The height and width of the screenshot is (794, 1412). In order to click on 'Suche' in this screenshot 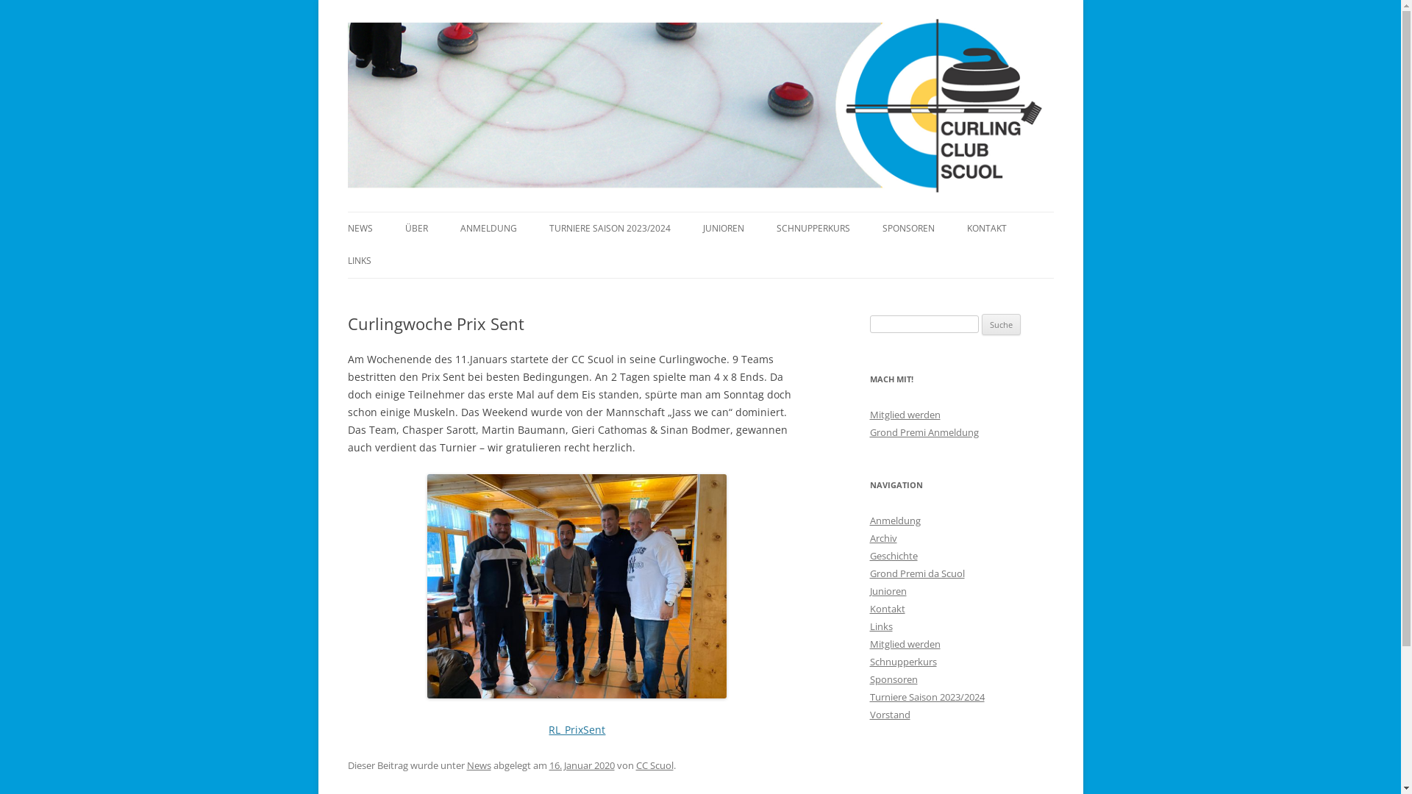, I will do `click(1000, 324)`.